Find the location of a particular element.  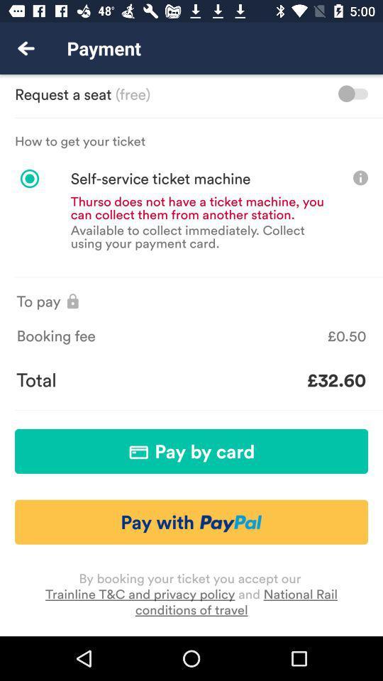

request toggle option is located at coordinates (352, 93).